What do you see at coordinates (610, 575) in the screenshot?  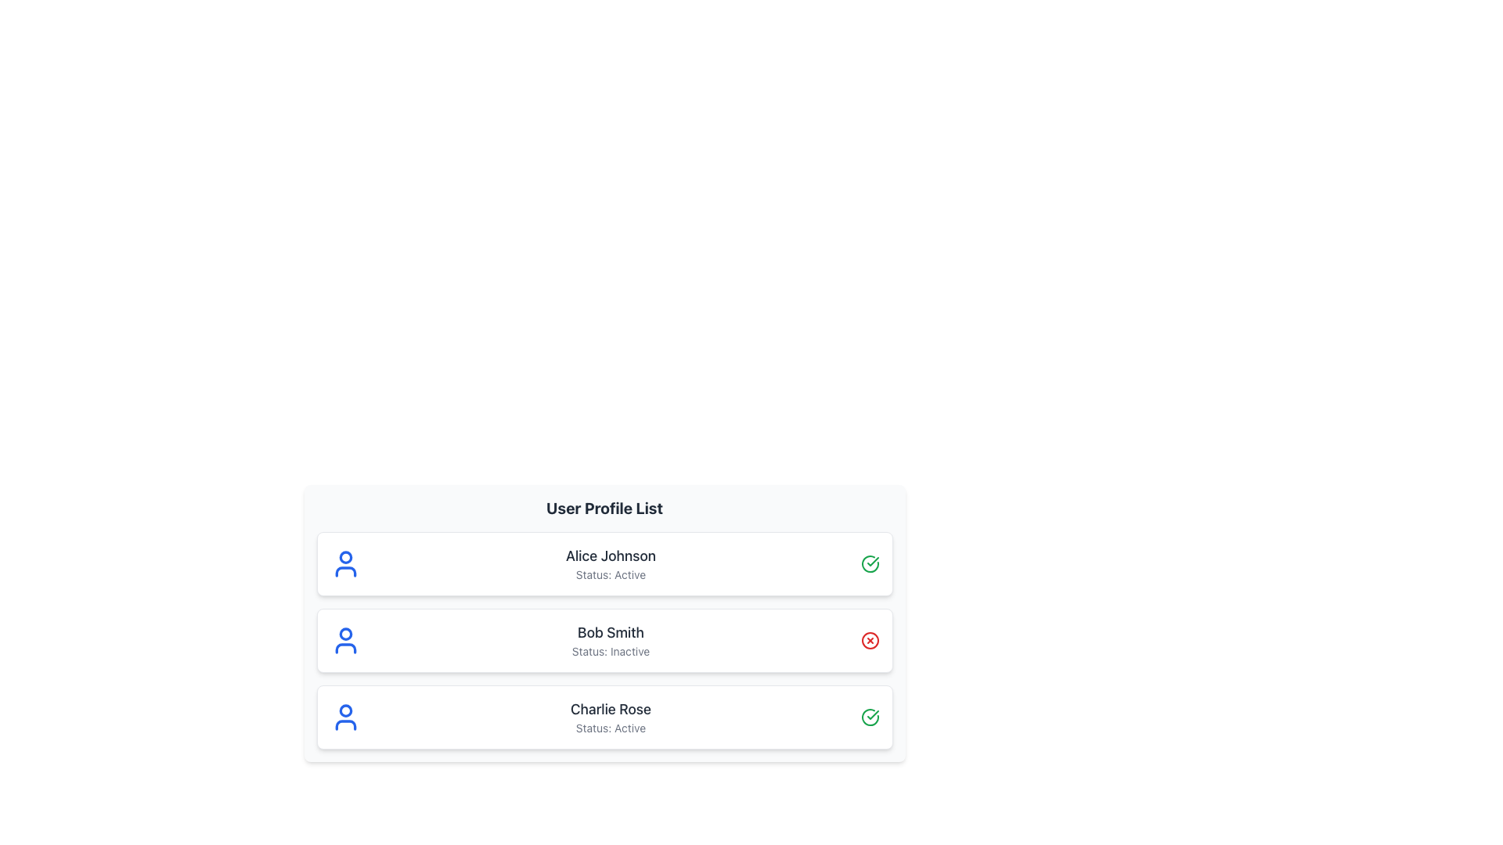 I see `the text label that reads 'Status: Active', which is located directly below the name 'Alice Johnson' in the user profile entry` at bounding box center [610, 575].